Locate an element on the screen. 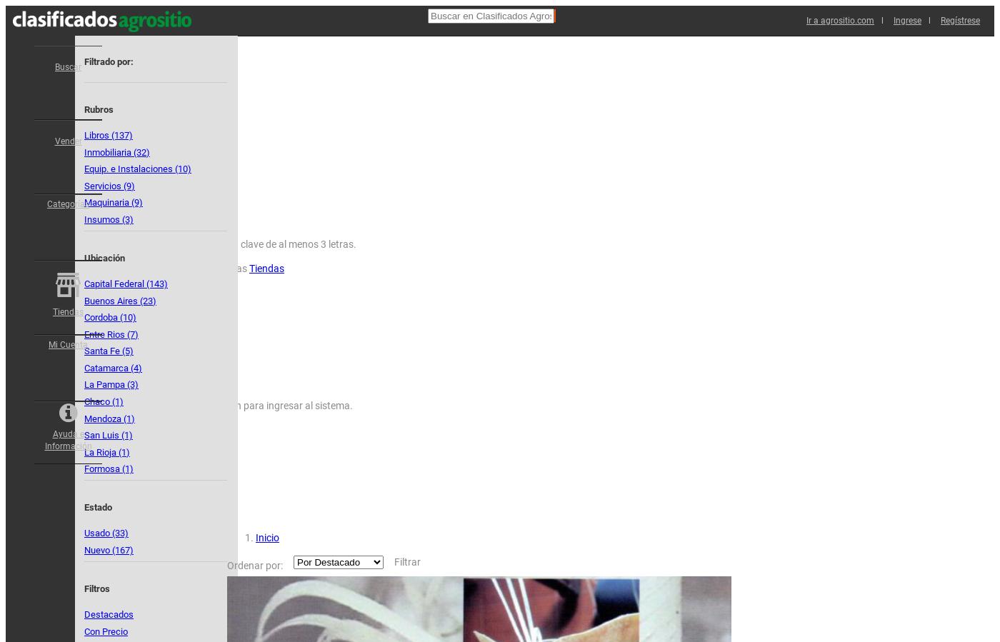 The width and height of the screenshot is (1000, 642). 'Aún no esta Registrado?' is located at coordinates (174, 159).